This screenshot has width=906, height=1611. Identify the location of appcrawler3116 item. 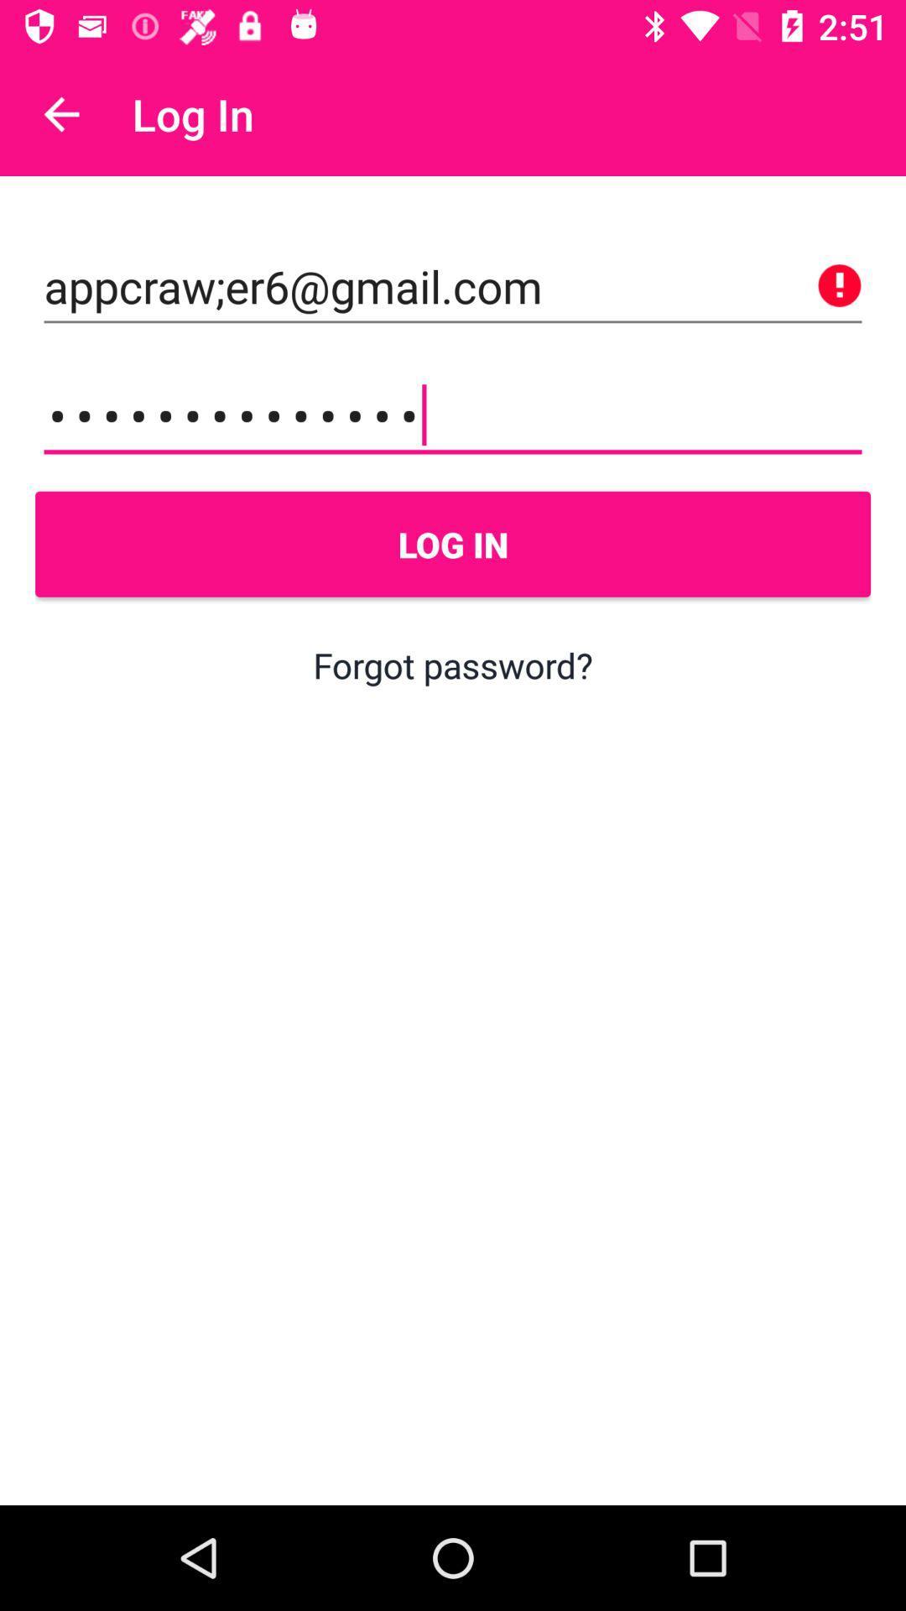
(453, 415).